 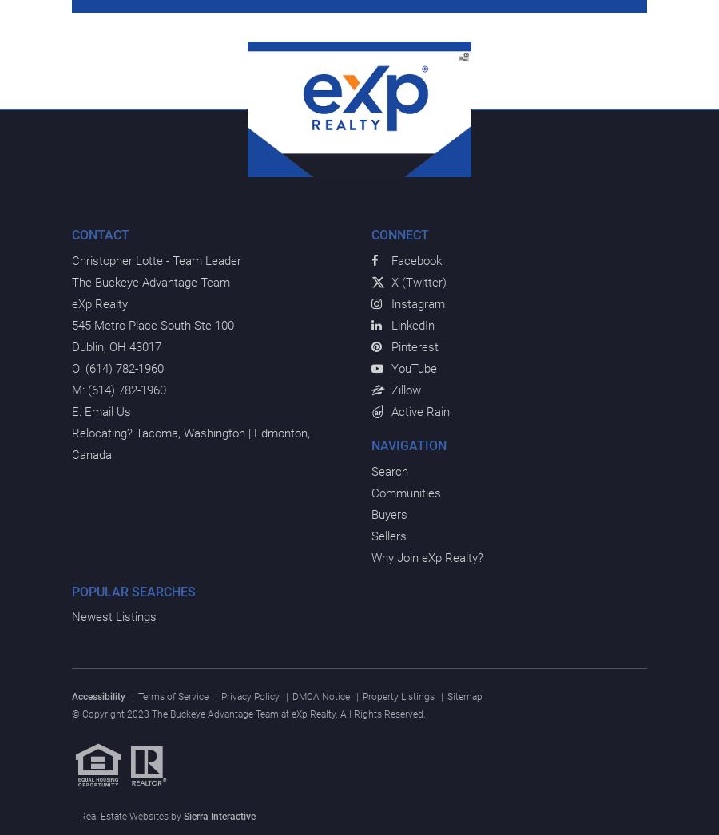 What do you see at coordinates (419, 411) in the screenshot?
I see `'Active Rain'` at bounding box center [419, 411].